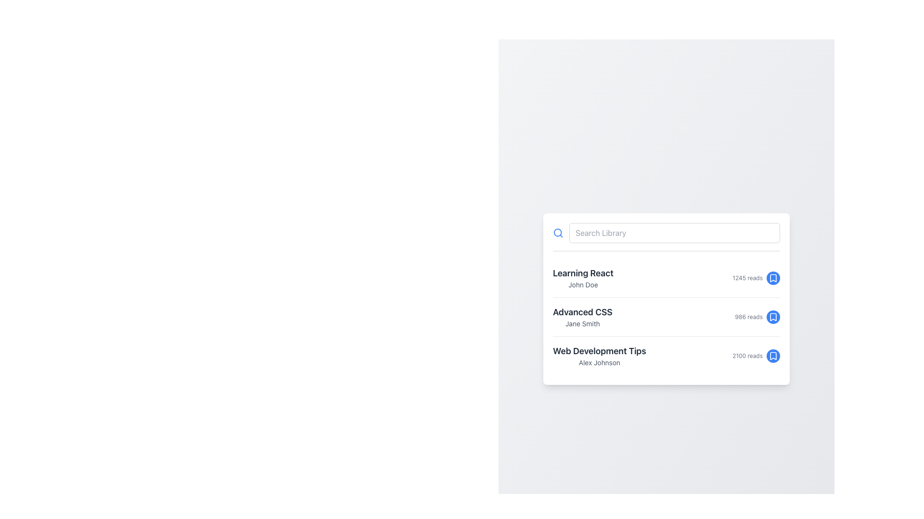  What do you see at coordinates (773, 317) in the screenshot?
I see `the second bookmark icon with a blue circular background` at bounding box center [773, 317].